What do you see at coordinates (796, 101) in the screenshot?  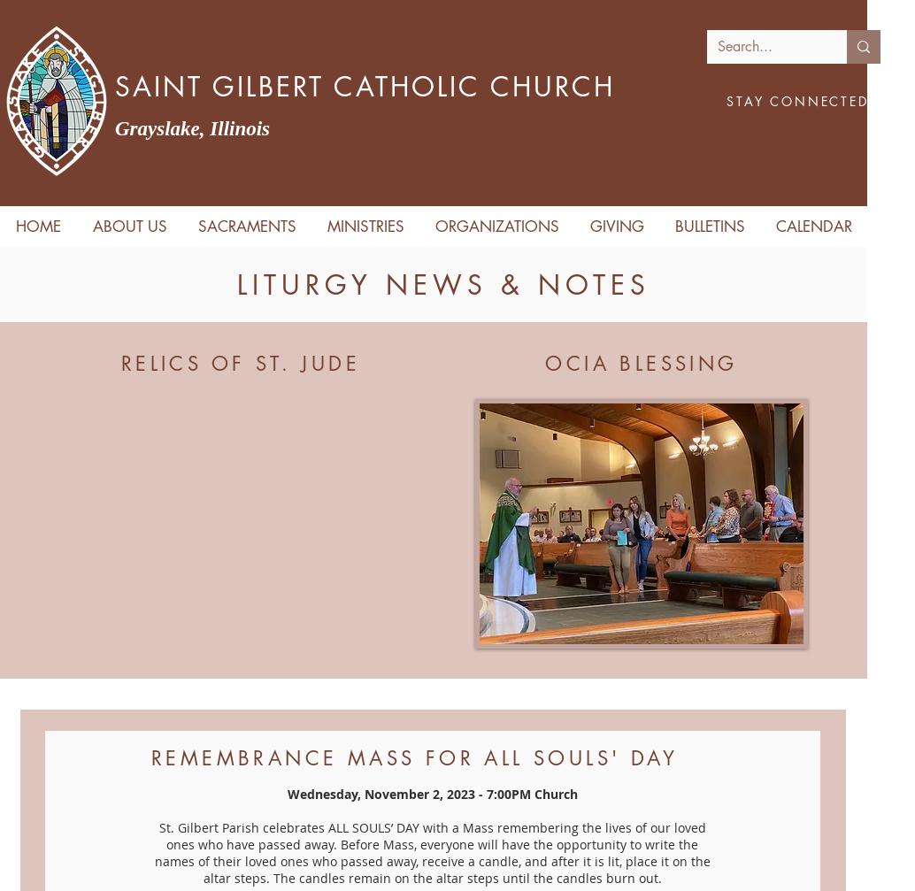 I see `'STAY CONNECTED'` at bounding box center [796, 101].